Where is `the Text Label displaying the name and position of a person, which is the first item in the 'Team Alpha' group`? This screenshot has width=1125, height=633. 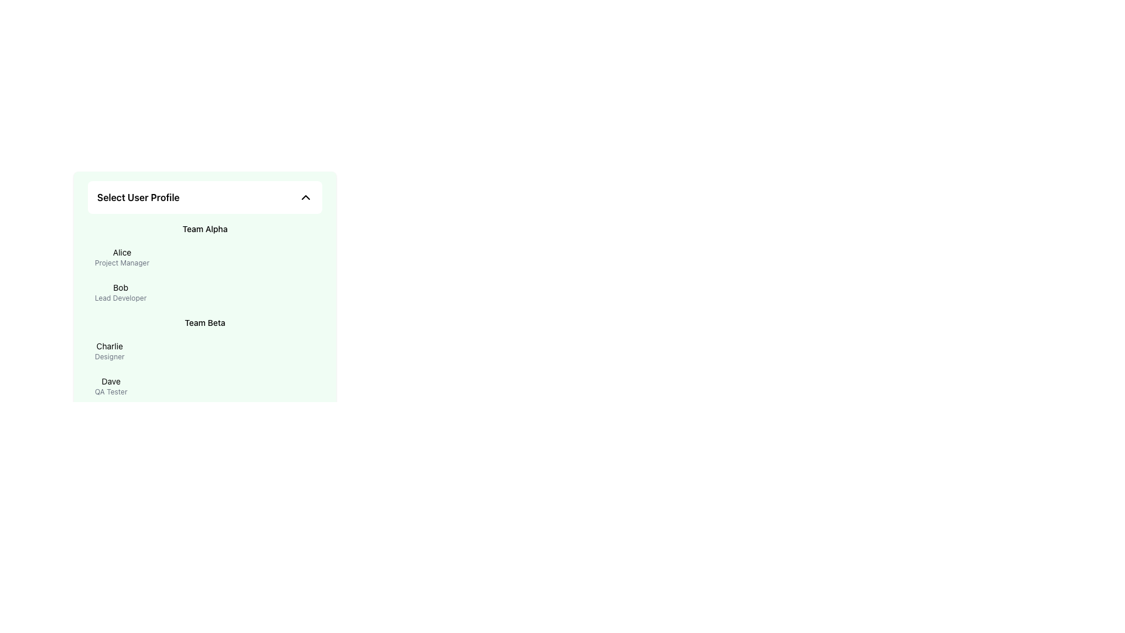
the Text Label displaying the name and position of a person, which is the first item in the 'Team Alpha' group is located at coordinates (122, 257).